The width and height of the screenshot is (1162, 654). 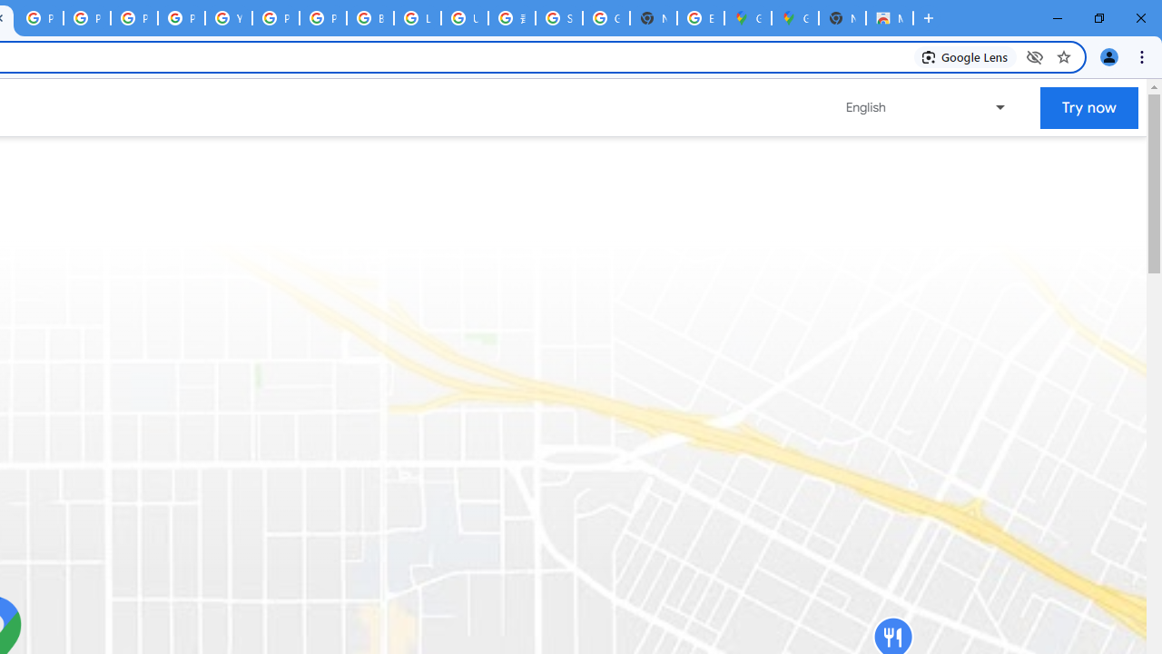 I want to click on 'Search with Google Lens', so click(x=964, y=55).